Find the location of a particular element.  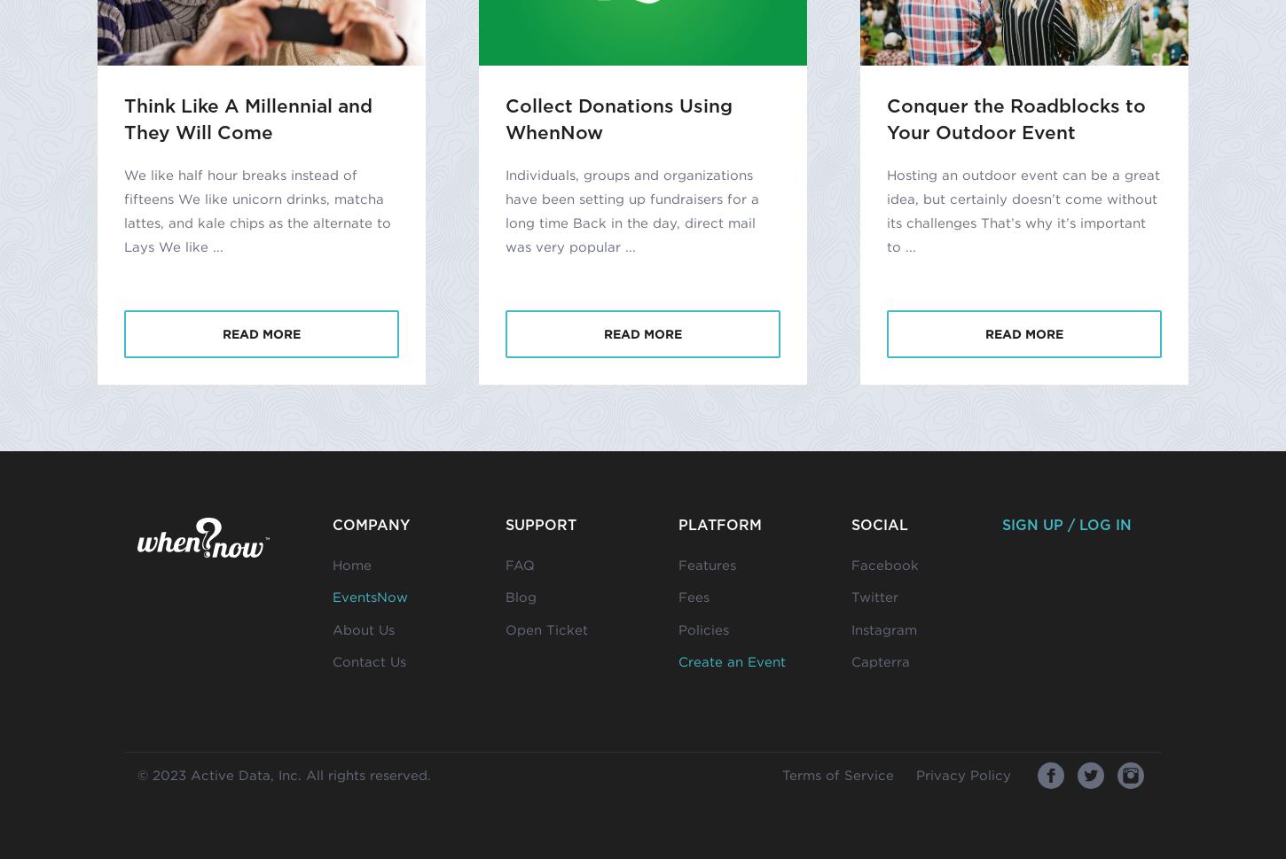

'Home' is located at coordinates (351, 563).